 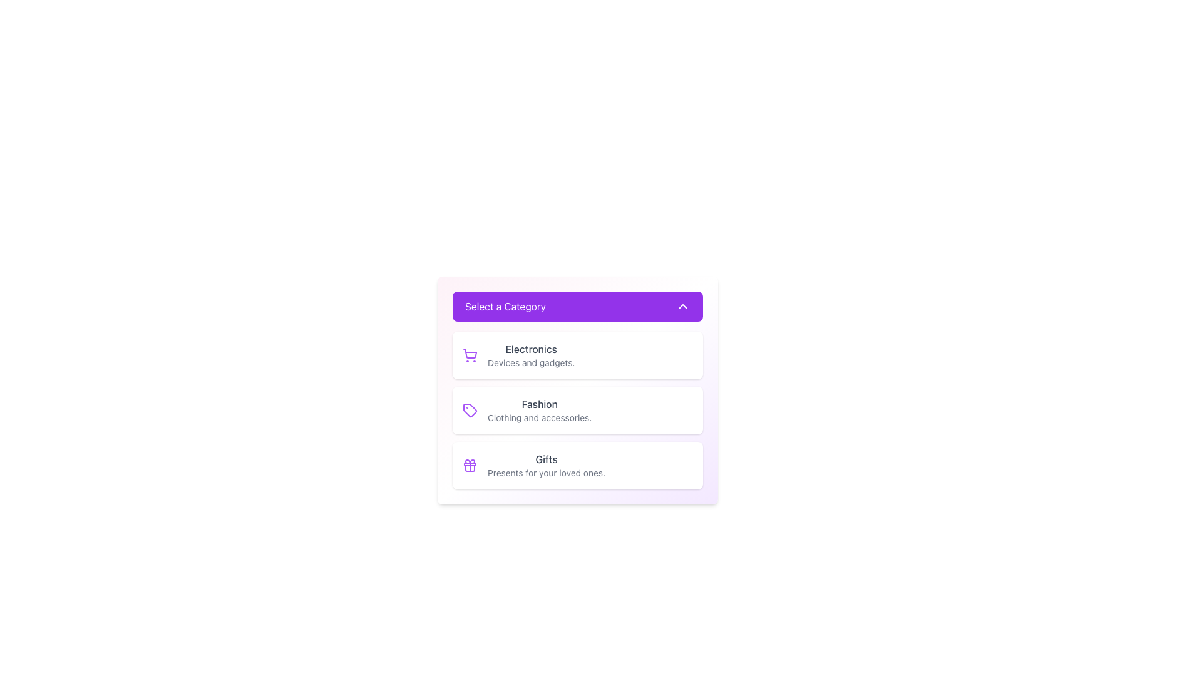 I want to click on the Fashion category icon located in the second item of the 'Select a Category' dropdown menu, positioned on the left side of the text 'Fashion', so click(x=469, y=410).